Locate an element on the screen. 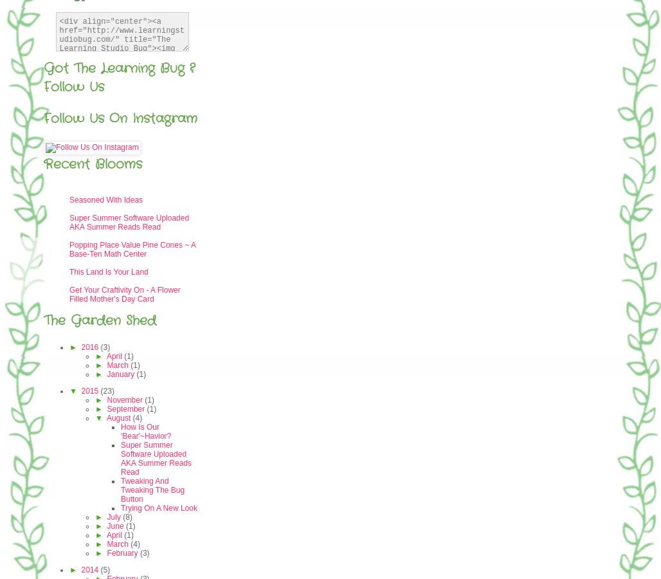 The image size is (661, 579). 'Tweaking And Tweaking The Bug Button' is located at coordinates (121, 489).